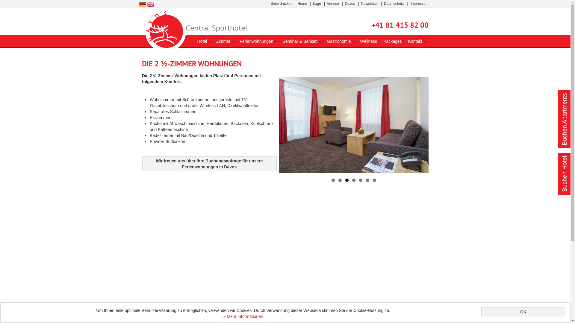  Describe the element at coordinates (326, 3) in the screenshot. I see `'Anreise'` at that location.